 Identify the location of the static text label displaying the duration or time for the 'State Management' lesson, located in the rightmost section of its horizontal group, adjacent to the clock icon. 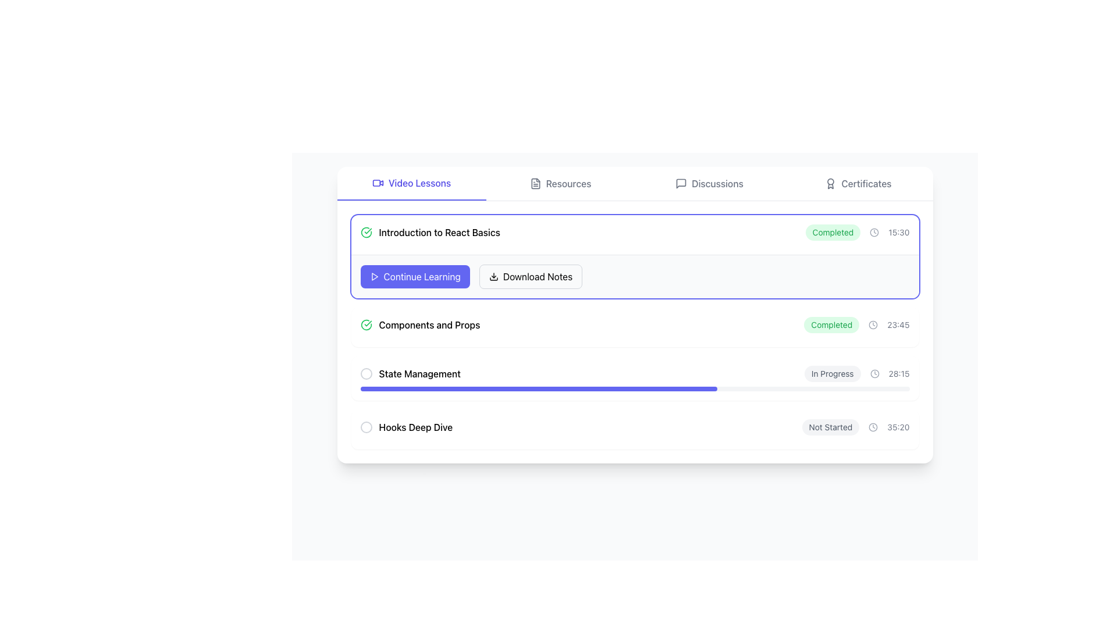
(898, 374).